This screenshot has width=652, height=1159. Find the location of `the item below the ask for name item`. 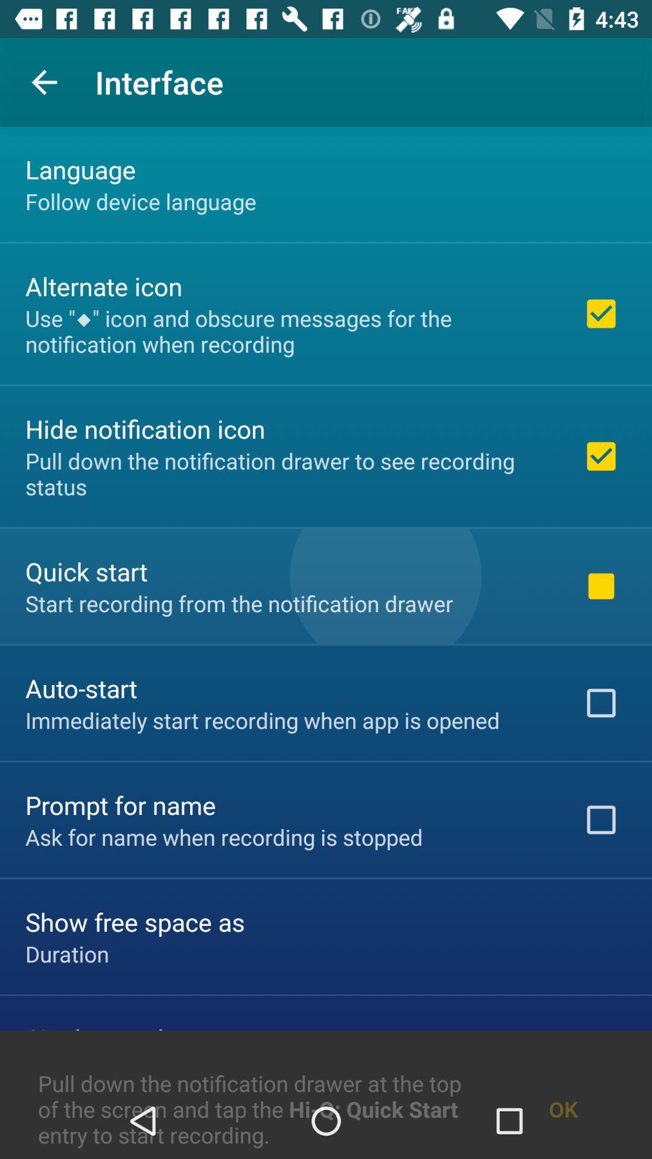

the item below the ask for name item is located at coordinates (135, 921).